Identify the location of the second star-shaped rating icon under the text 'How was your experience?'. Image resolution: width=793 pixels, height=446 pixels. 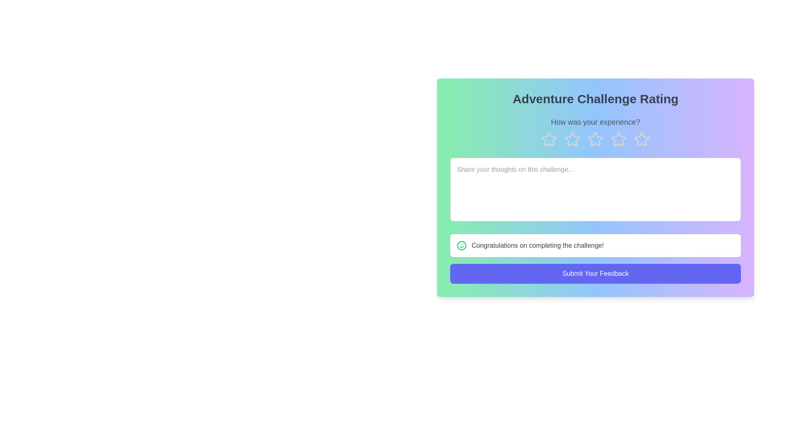
(572, 139).